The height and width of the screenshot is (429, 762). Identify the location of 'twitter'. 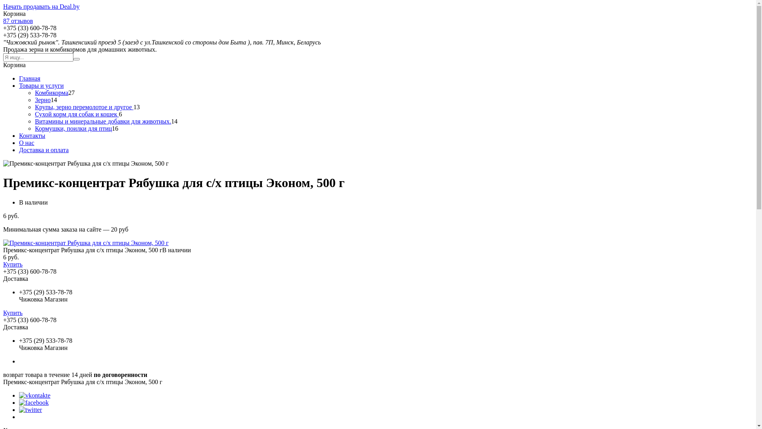
(30, 410).